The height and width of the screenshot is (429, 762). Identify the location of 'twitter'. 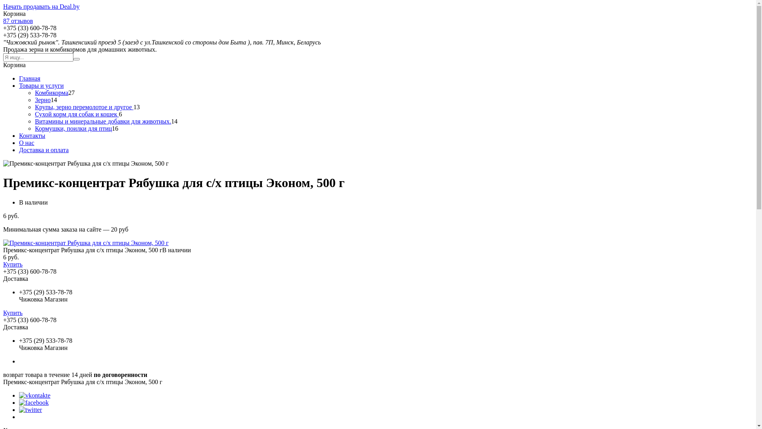
(30, 410).